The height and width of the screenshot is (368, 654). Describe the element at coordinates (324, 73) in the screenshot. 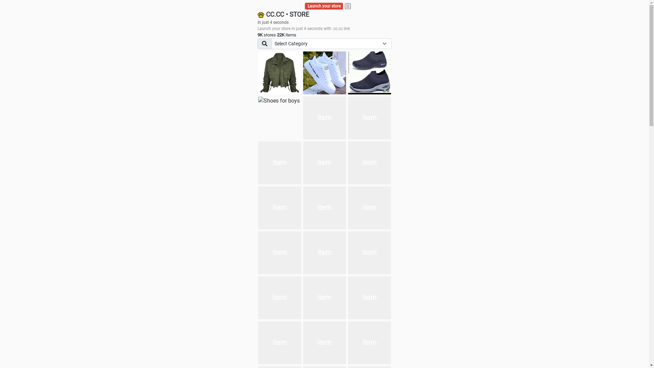

I see `'white shoes'` at that location.